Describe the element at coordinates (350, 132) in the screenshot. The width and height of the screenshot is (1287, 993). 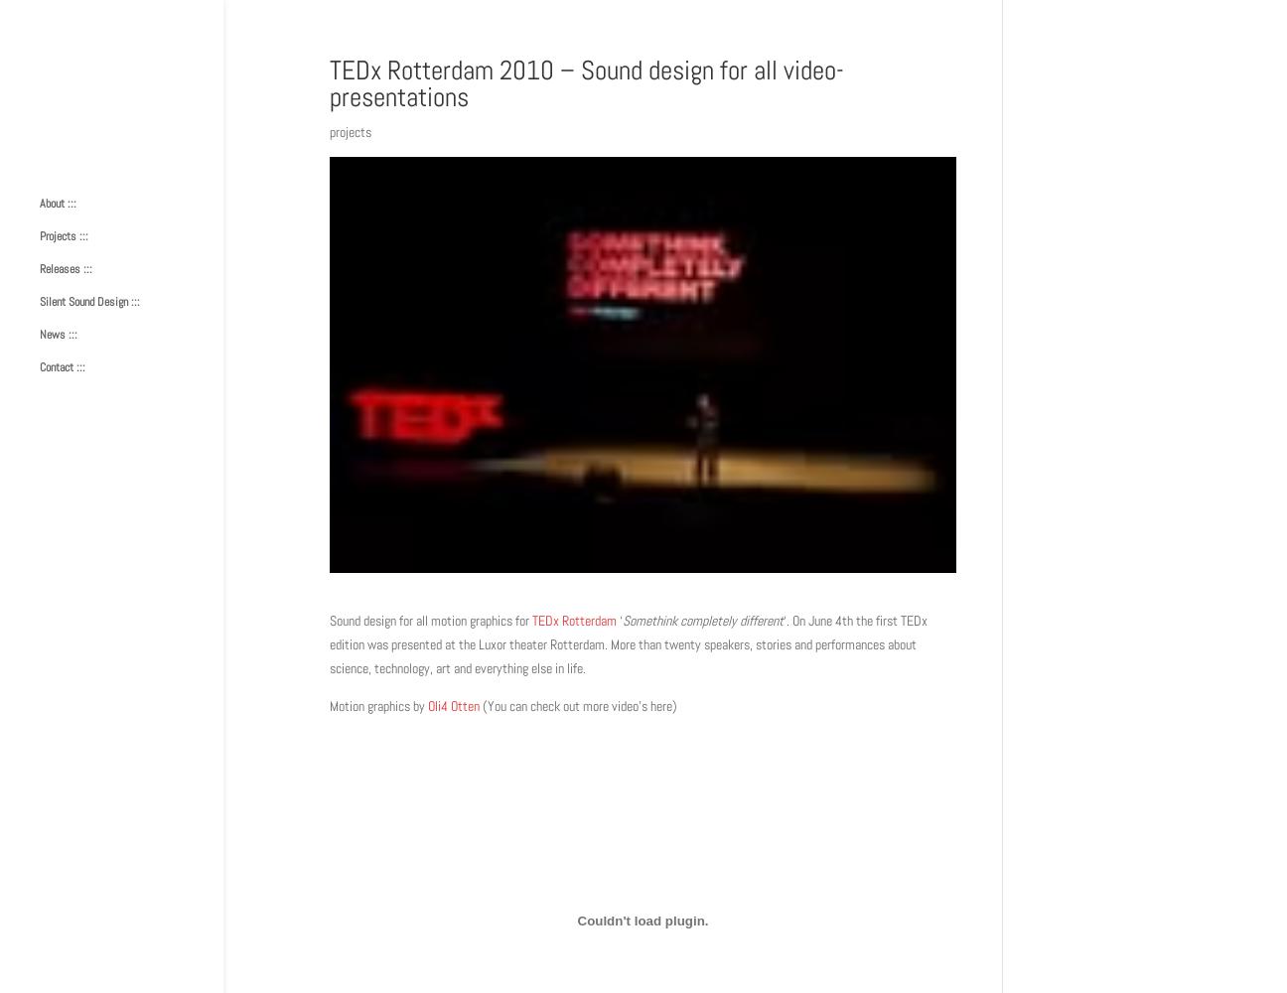
I see `'projects'` at that location.